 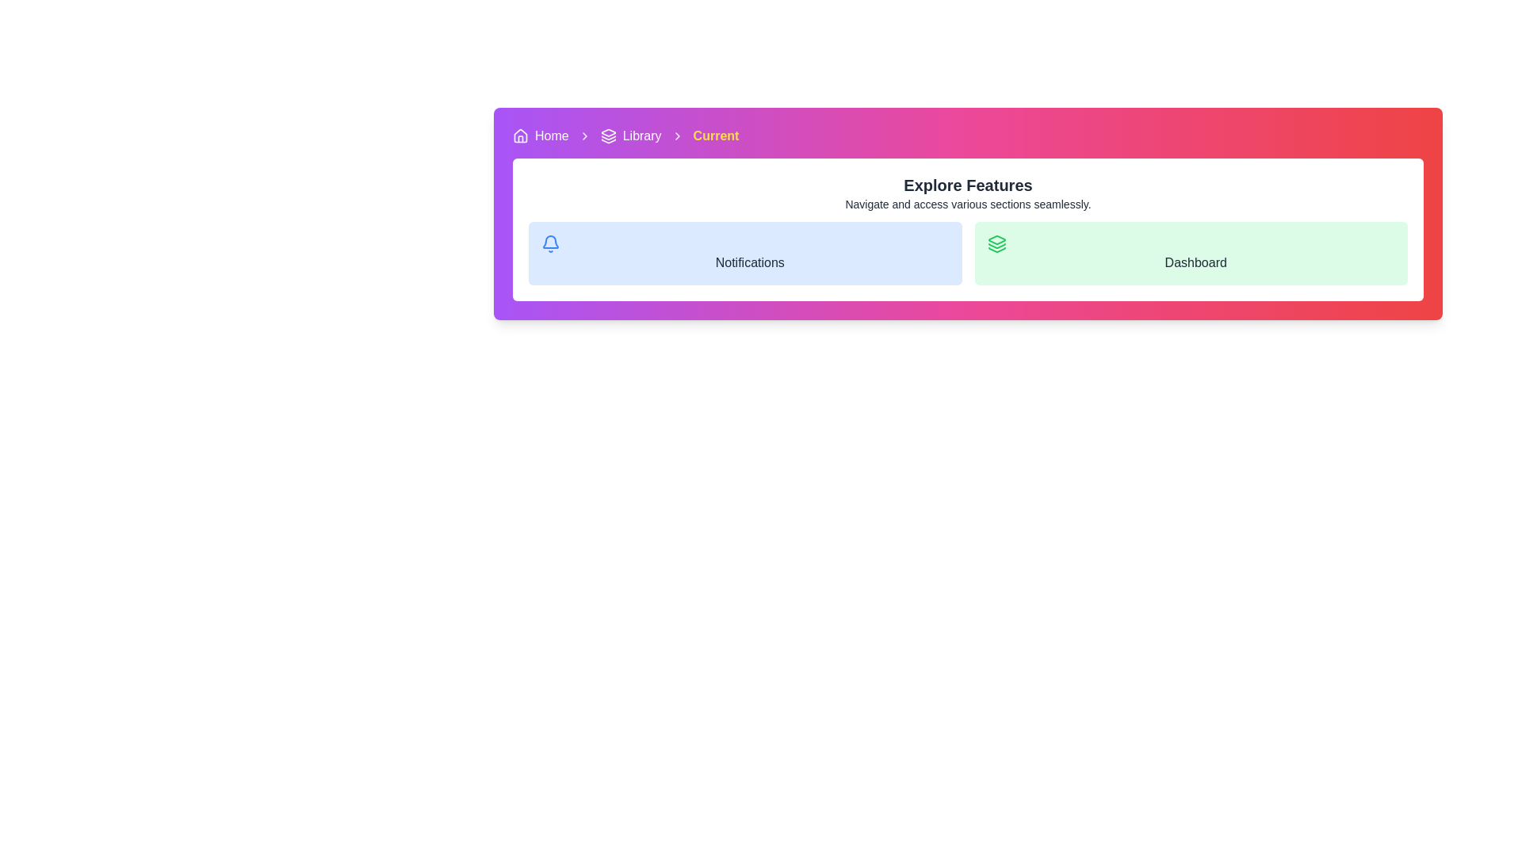 What do you see at coordinates (967, 204) in the screenshot?
I see `the text reading 'Navigate and access various sections seamlessly.' which is located beneath the heading 'Explore Features.'` at bounding box center [967, 204].